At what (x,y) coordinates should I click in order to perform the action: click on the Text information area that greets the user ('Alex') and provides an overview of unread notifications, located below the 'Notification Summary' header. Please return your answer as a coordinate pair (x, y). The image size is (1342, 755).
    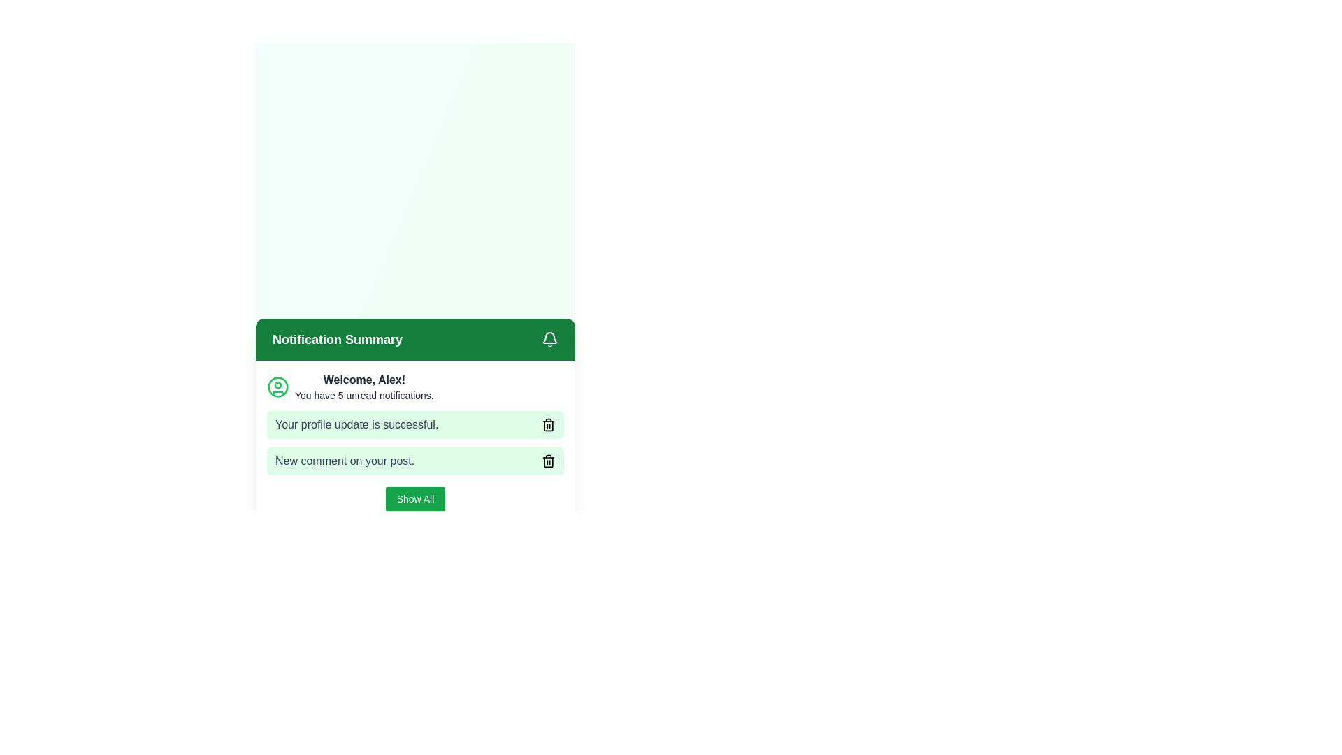
    Looking at the image, I should click on (364, 387).